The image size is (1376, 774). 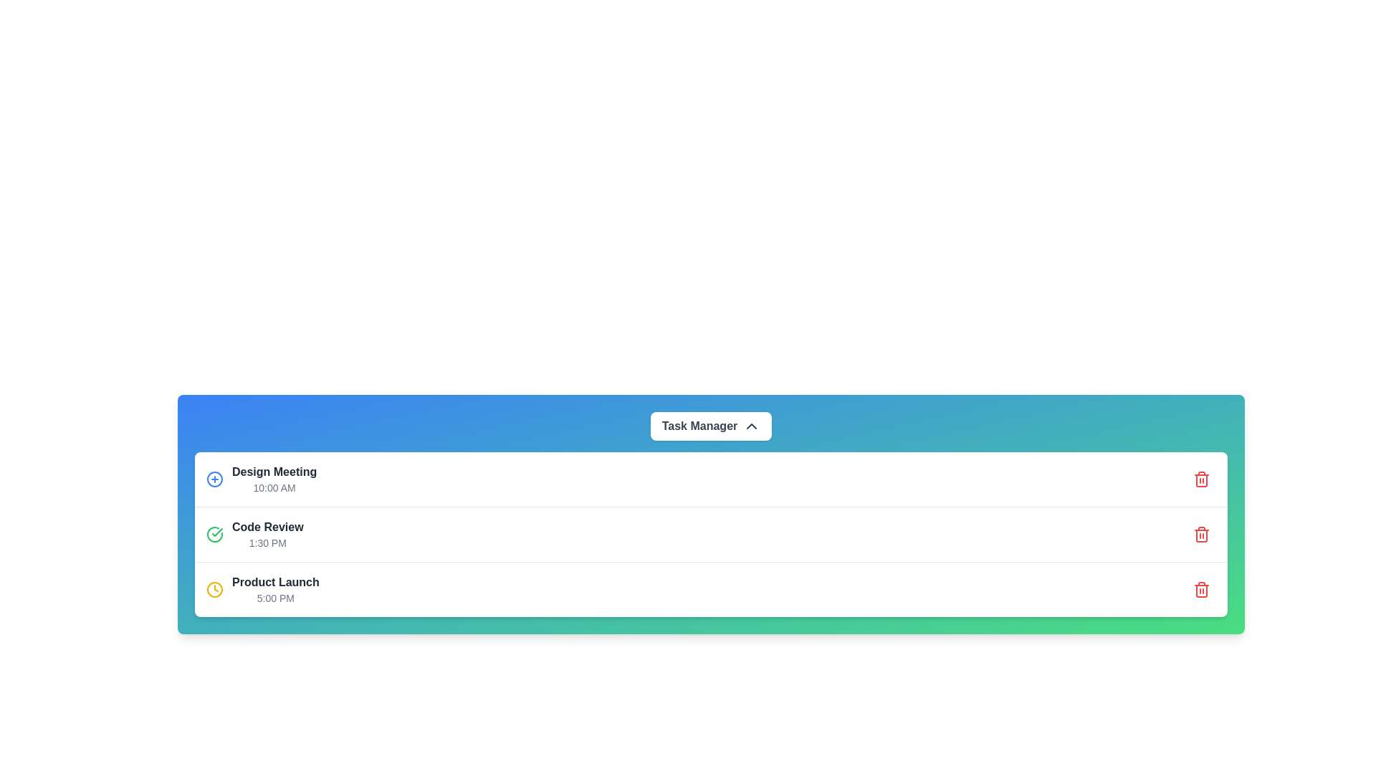 What do you see at coordinates (1201, 534) in the screenshot?
I see `the delete button associated with the task entry labeled 'Code Review'` at bounding box center [1201, 534].